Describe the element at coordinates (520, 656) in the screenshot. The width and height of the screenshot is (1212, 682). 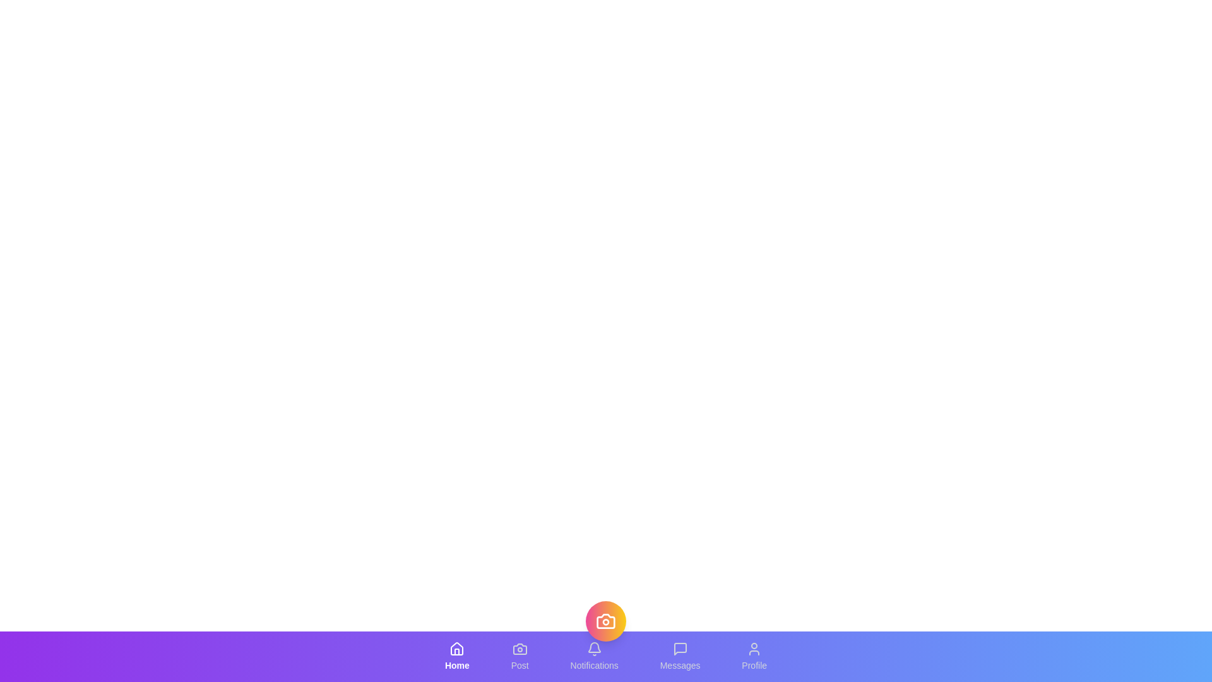
I see `the tab labeled Post to observe the visual effect` at that location.